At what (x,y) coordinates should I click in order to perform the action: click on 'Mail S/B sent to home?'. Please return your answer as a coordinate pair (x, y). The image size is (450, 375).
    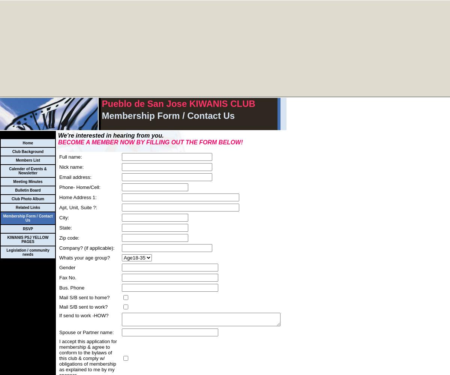
    Looking at the image, I should click on (84, 297).